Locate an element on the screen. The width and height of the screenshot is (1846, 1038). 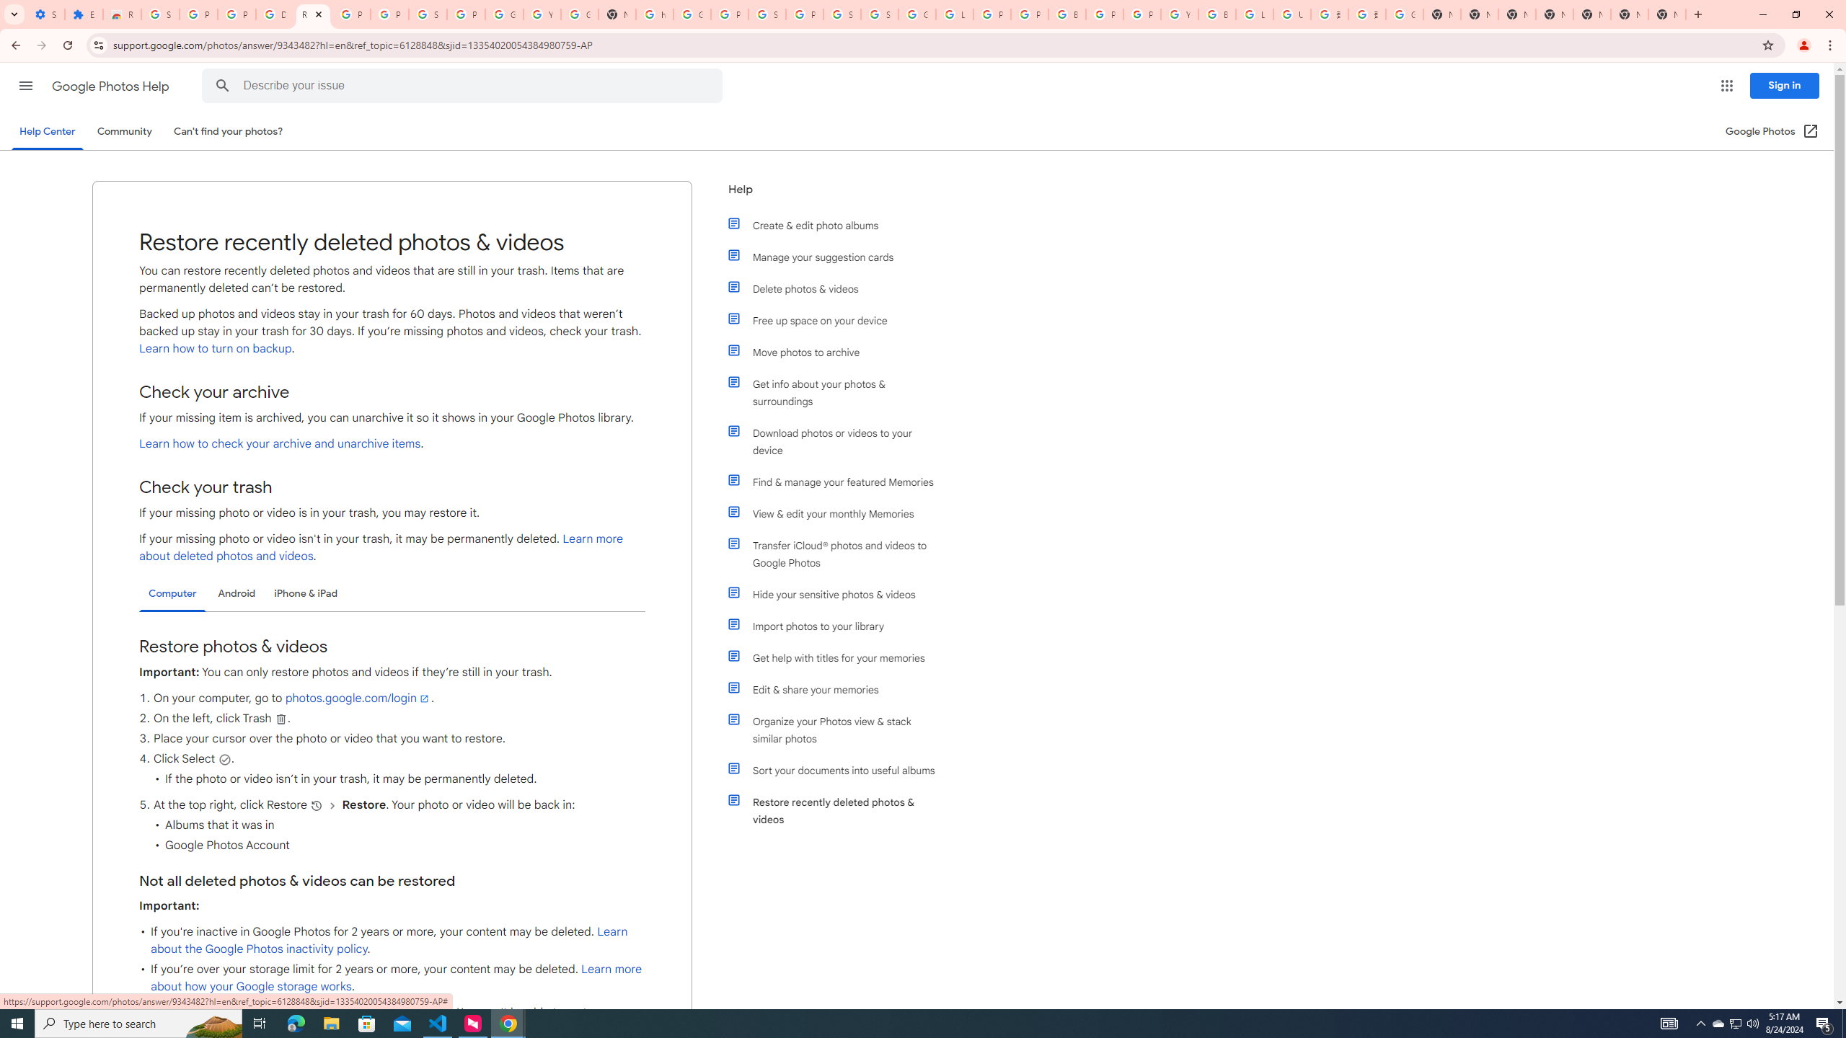
'Help Center' is located at coordinates (47, 130).